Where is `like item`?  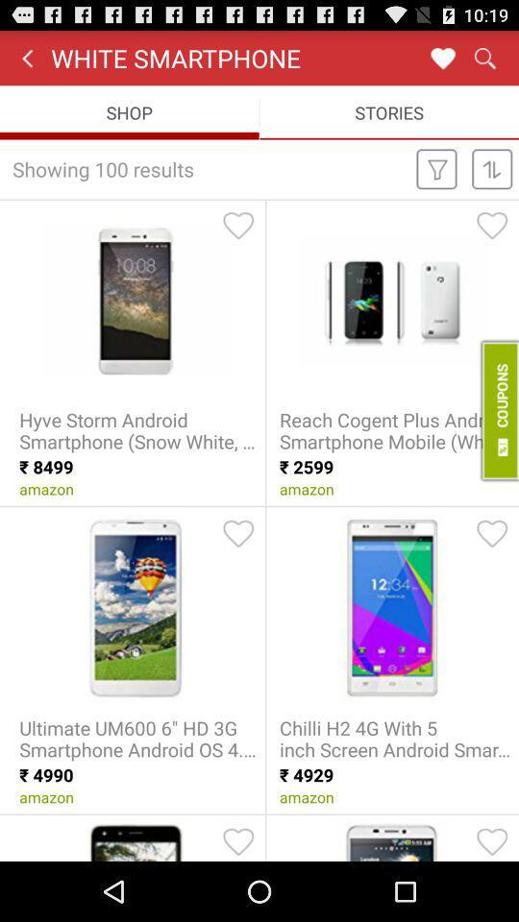 like item is located at coordinates (492, 225).